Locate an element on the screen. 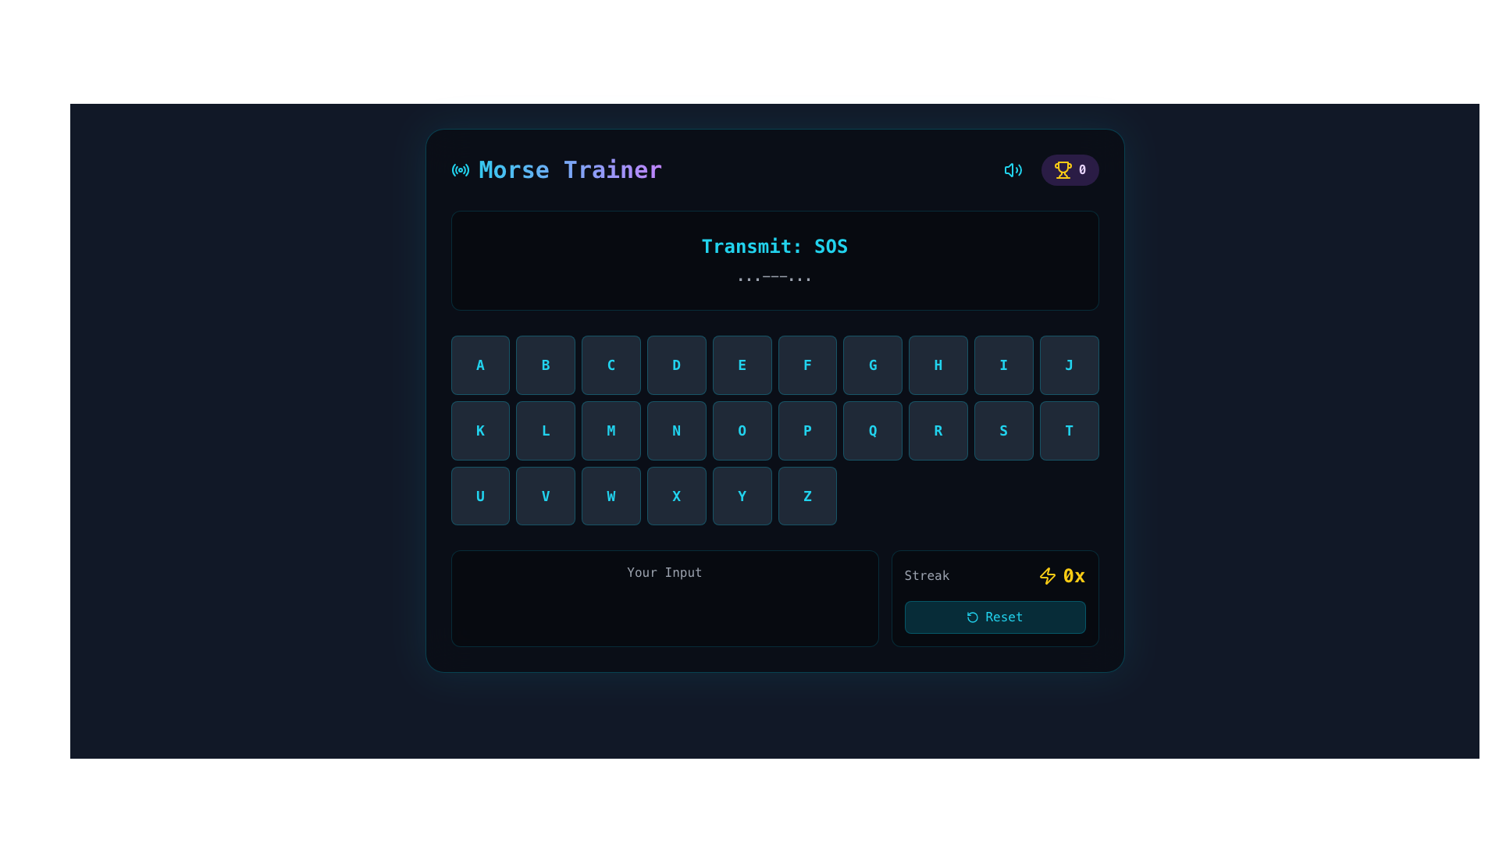 Image resolution: width=1499 pixels, height=843 pixels. the square button with a dark gray background and a bright cyan-colored letter 'J' is located at coordinates (1068, 365).